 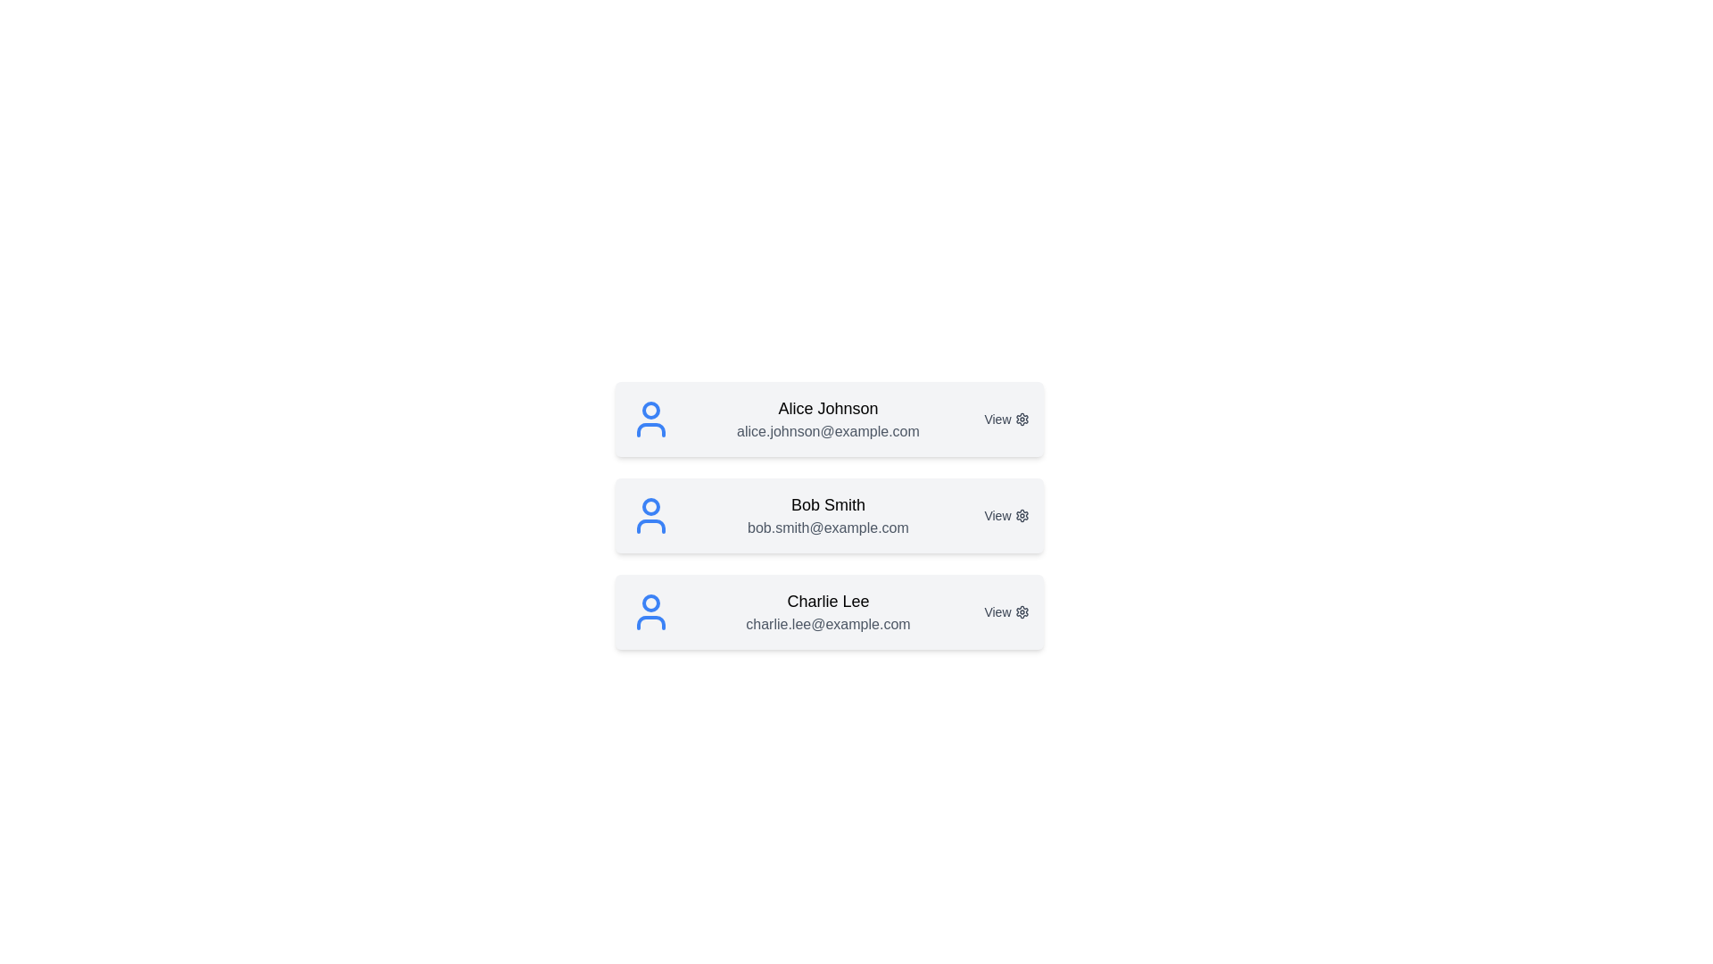 What do you see at coordinates (1006, 516) in the screenshot?
I see `the button located at the top-right corner of the card containing 'Bob Smith' and 'bob.smith@example.com'` at bounding box center [1006, 516].